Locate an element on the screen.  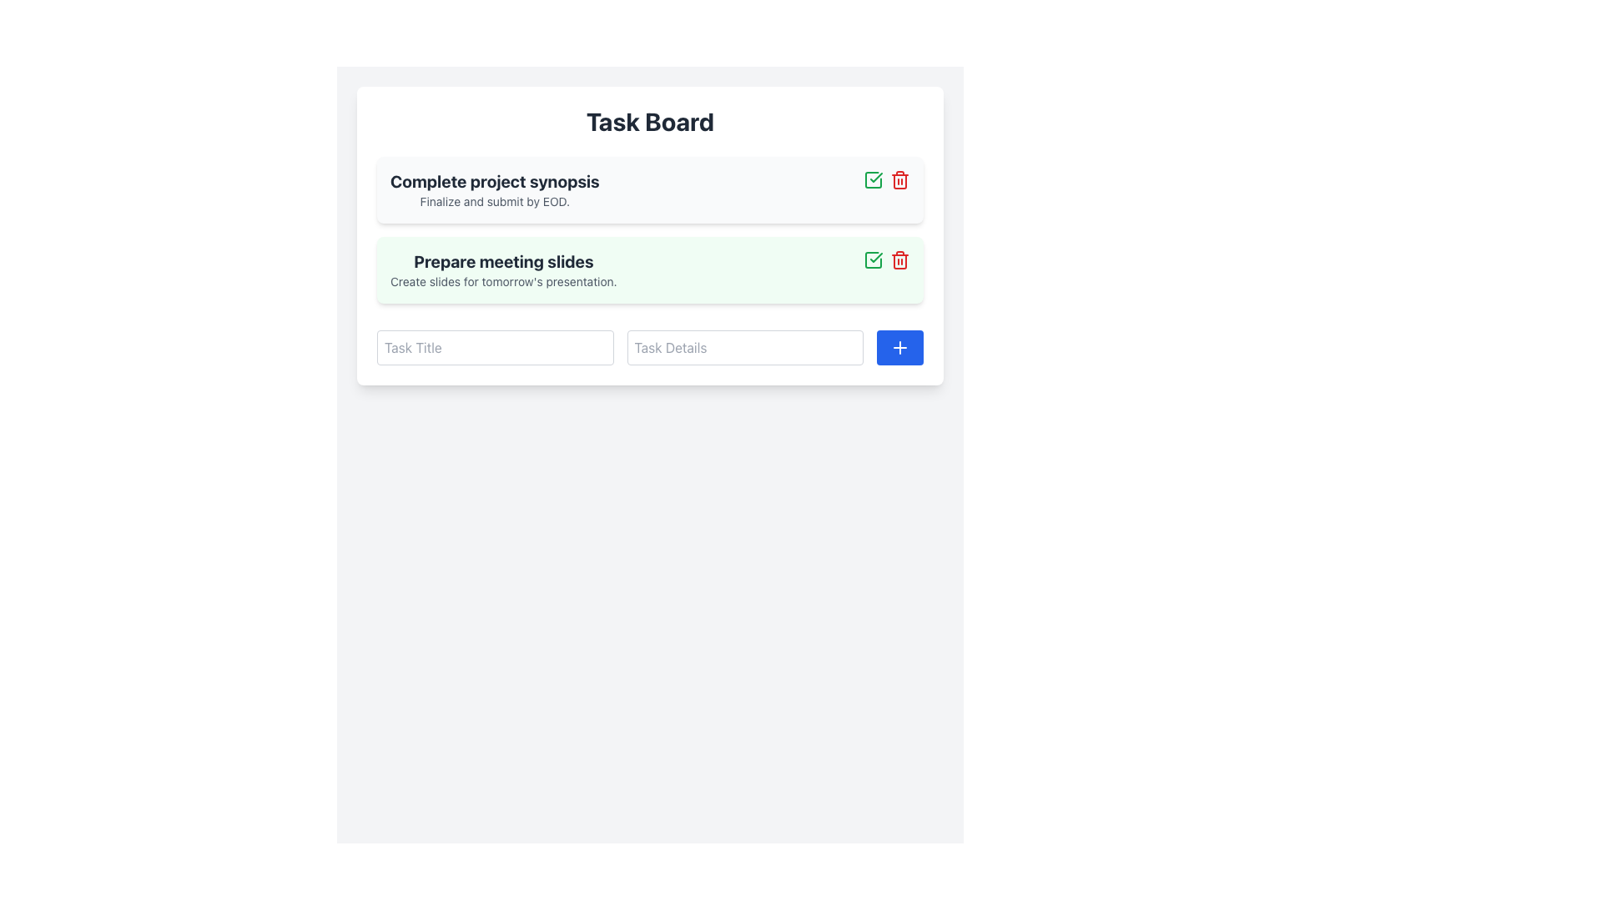
the plus-shaped icon button with a blue square background located in the bottom-right part of the interface is located at coordinates (899, 346).